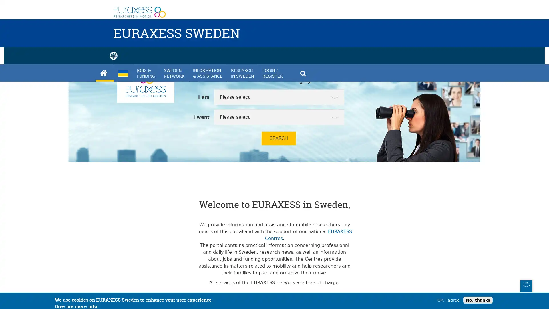 The height and width of the screenshot is (309, 549). Describe the element at coordinates (279, 97) in the screenshot. I see `Please select` at that location.